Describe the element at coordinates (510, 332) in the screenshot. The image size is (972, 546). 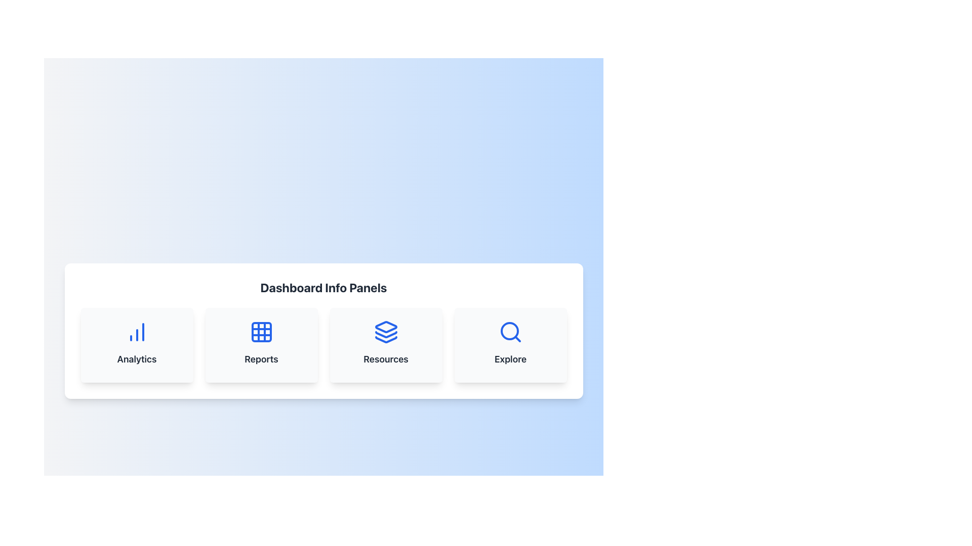
I see `the search icon located at the center of the 'Explore' card` at that location.